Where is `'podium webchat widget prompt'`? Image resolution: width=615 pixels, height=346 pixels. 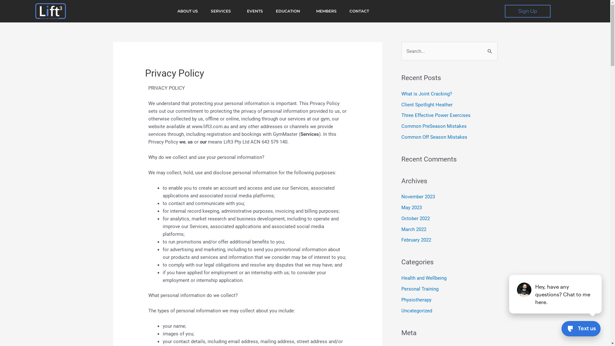 'podium webchat widget prompt' is located at coordinates (555, 294).